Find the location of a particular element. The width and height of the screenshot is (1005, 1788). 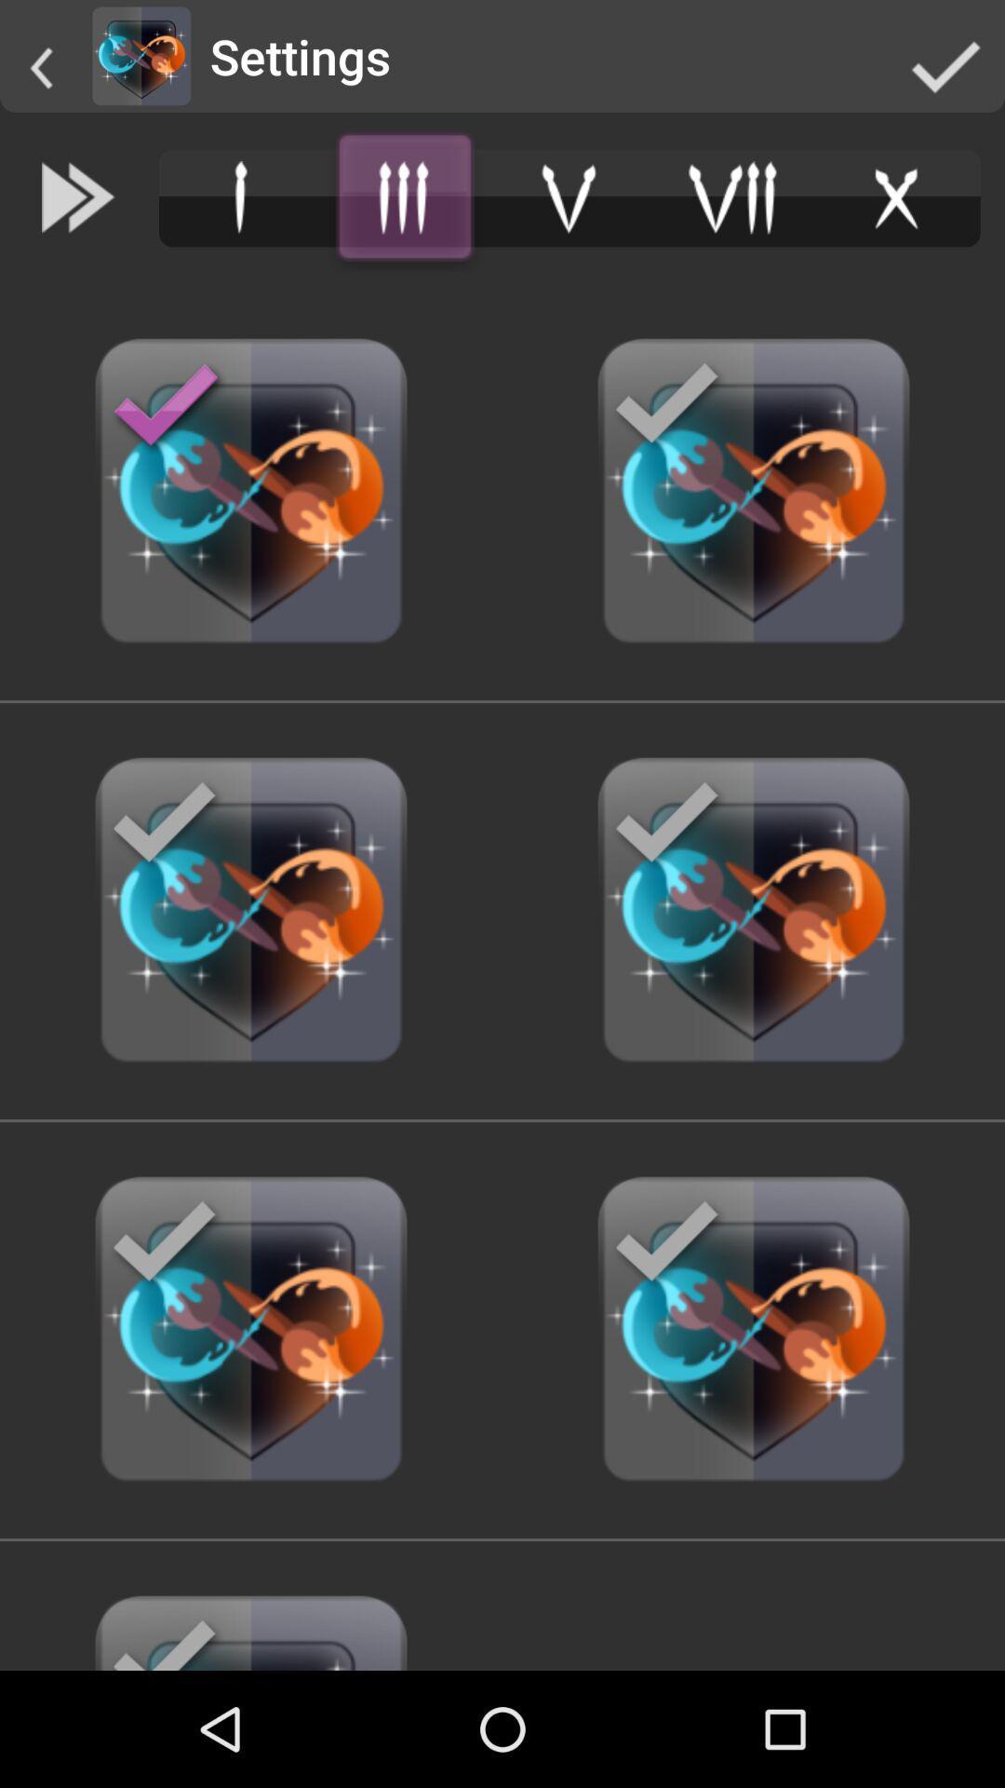

the last image from the bottom left side of the web page is located at coordinates (251, 1330).